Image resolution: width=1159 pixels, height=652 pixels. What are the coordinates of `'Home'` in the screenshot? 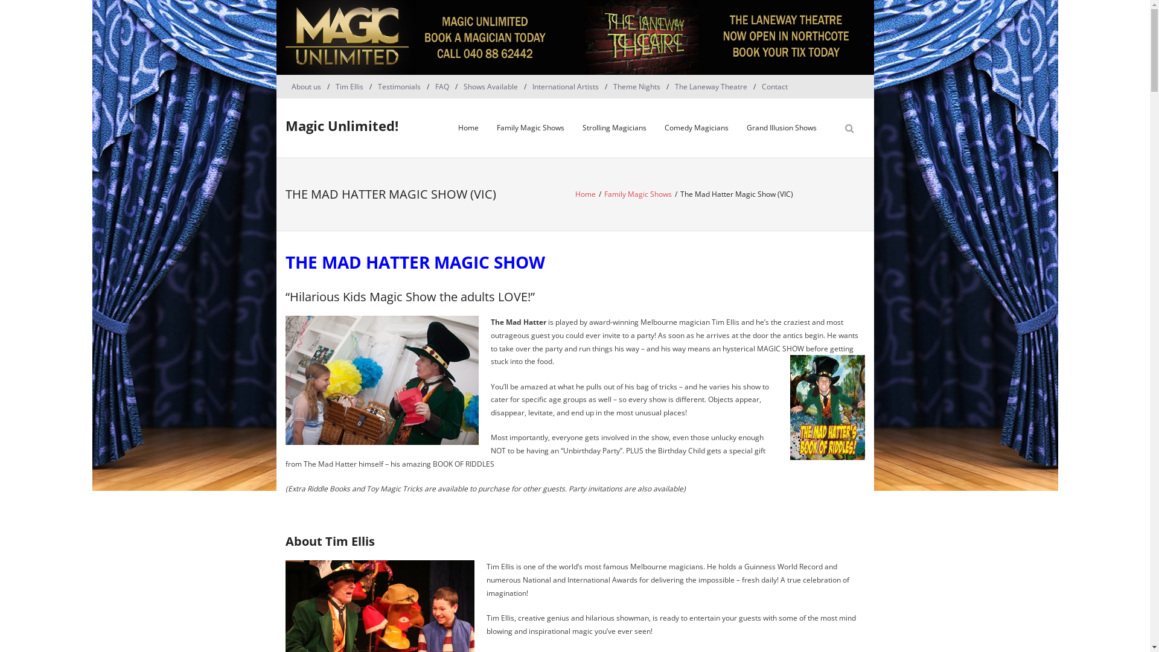 It's located at (585, 193).